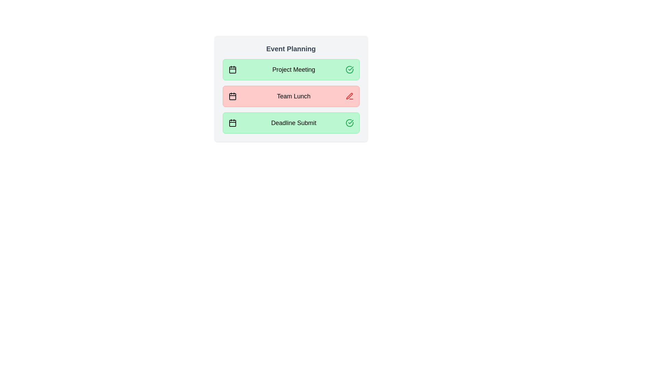 The width and height of the screenshot is (657, 369). What do you see at coordinates (291, 48) in the screenshot?
I see `the header text 'Event Planning' for copying` at bounding box center [291, 48].